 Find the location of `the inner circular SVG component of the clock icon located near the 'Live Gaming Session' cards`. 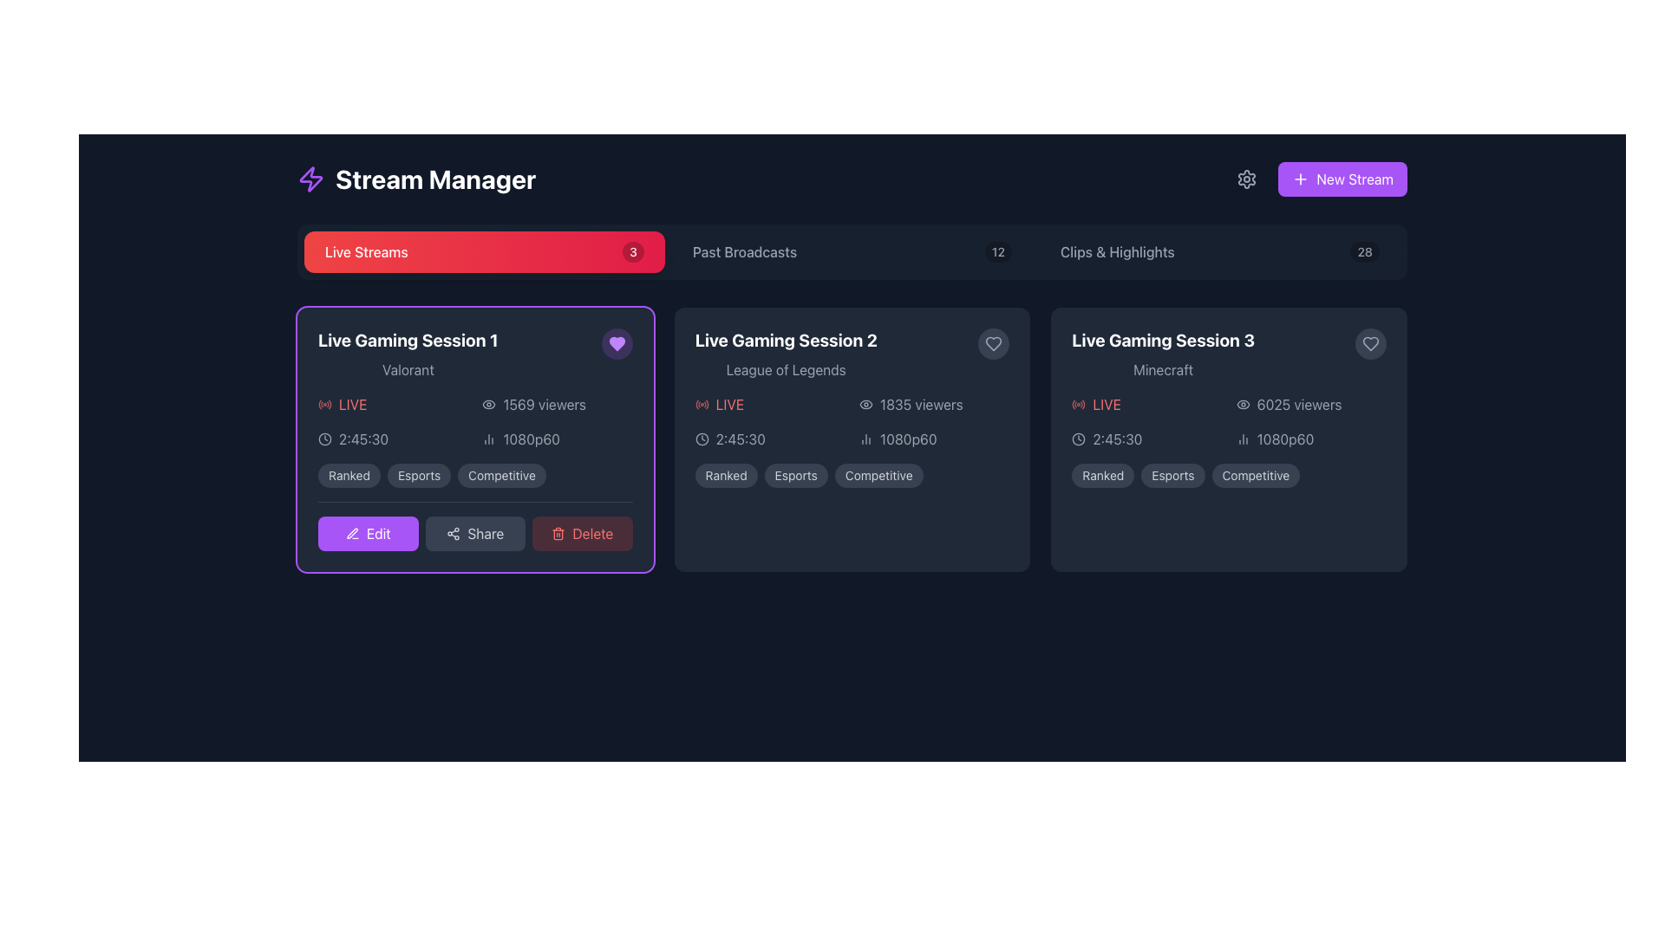

the inner circular SVG component of the clock icon located near the 'Live Gaming Session' cards is located at coordinates (702, 438).